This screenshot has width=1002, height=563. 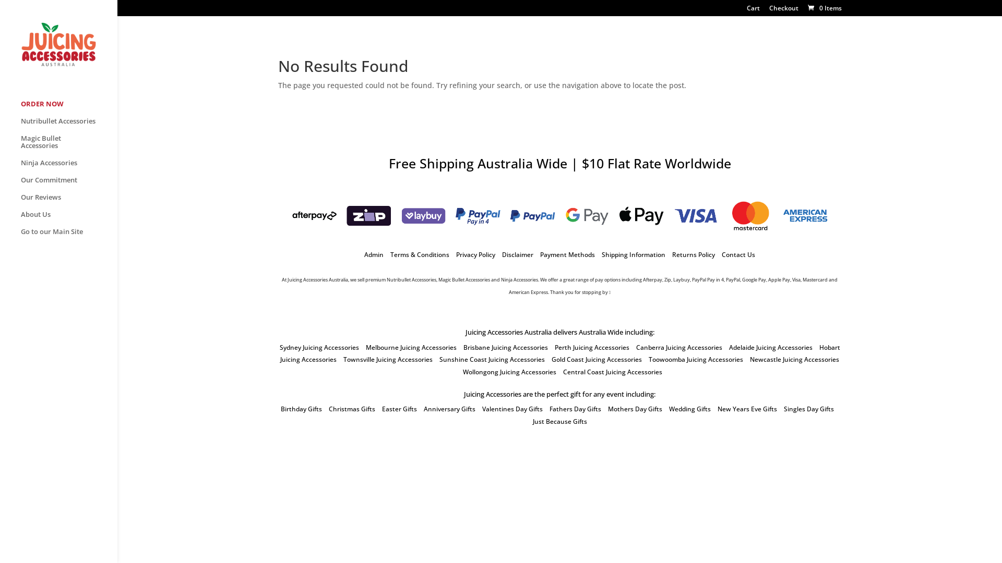 What do you see at coordinates (68, 218) in the screenshot?
I see `'About Us'` at bounding box center [68, 218].